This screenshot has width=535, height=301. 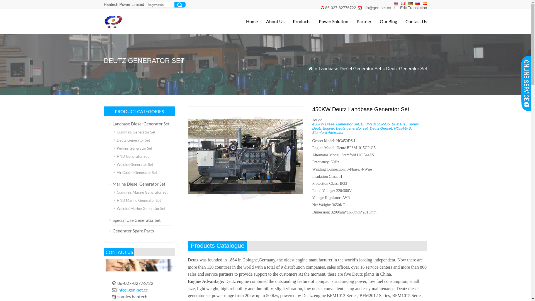 What do you see at coordinates (402, 128) in the screenshot?
I see `'HCI544FS'` at bounding box center [402, 128].